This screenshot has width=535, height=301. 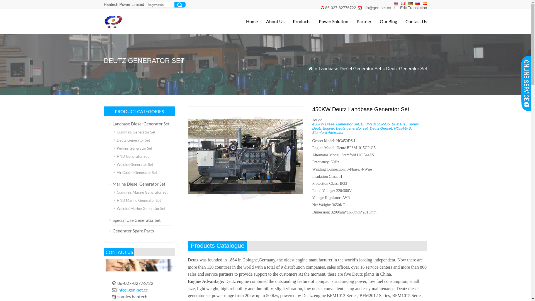 What do you see at coordinates (402, 128) in the screenshot?
I see `'HCI544FS'` at bounding box center [402, 128].